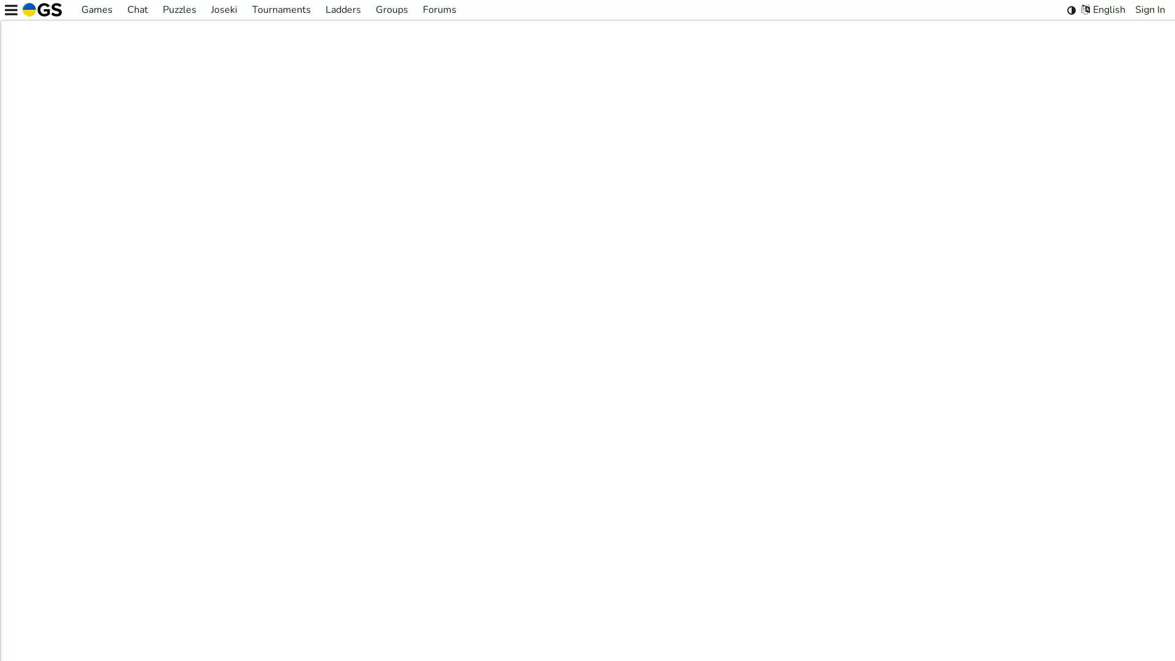  What do you see at coordinates (584, 483) in the screenshot?
I see `19x19` at bounding box center [584, 483].